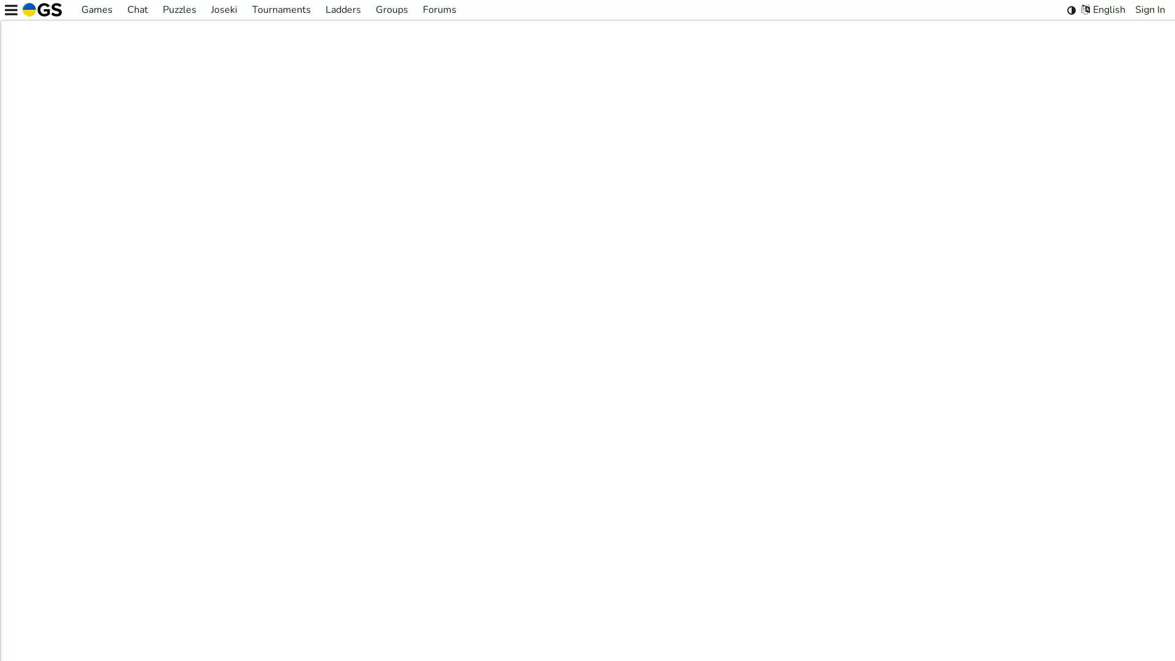  What do you see at coordinates (584, 483) in the screenshot?
I see `19x19` at bounding box center [584, 483].